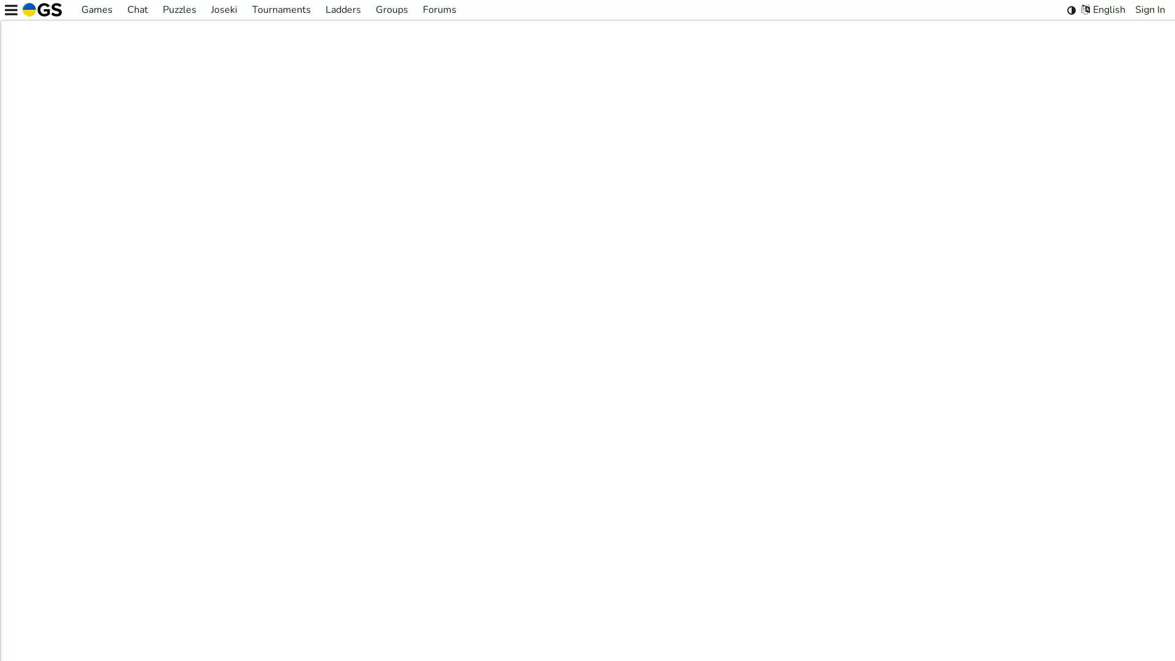  What do you see at coordinates (584, 483) in the screenshot?
I see `19x19` at bounding box center [584, 483].